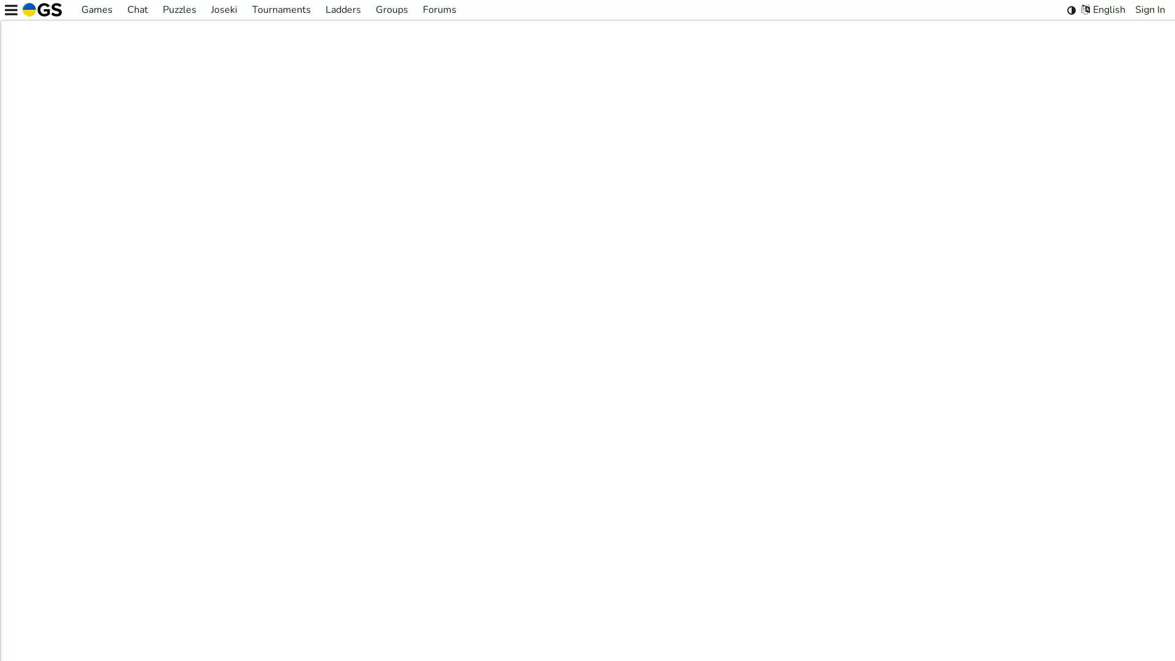  What do you see at coordinates (584, 483) in the screenshot?
I see `19x19` at bounding box center [584, 483].